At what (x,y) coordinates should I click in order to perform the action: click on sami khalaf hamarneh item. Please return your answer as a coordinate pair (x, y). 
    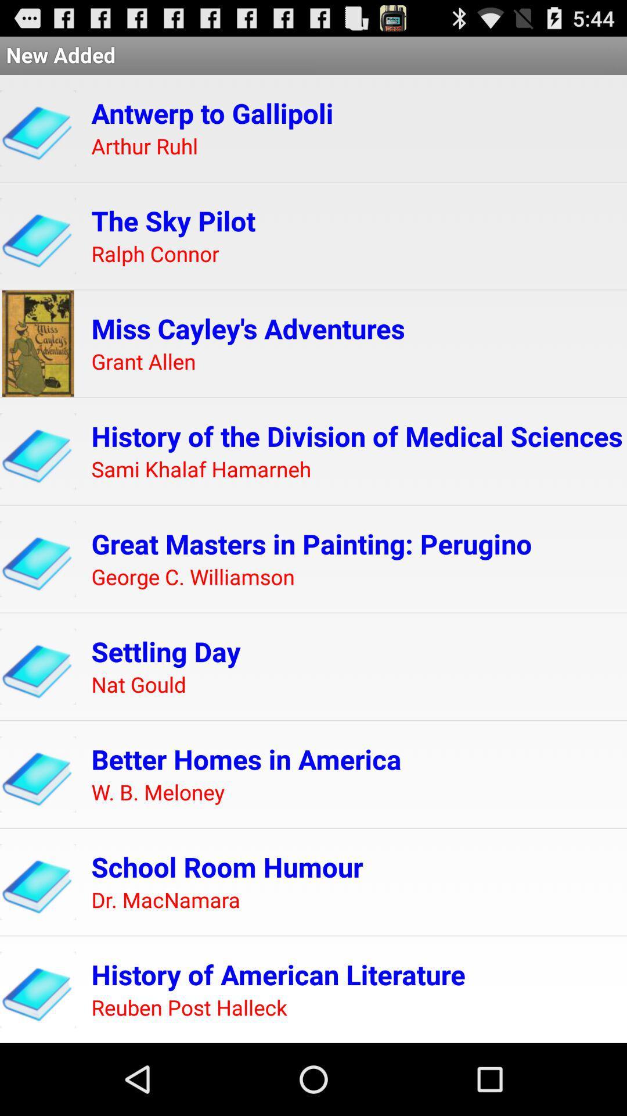
    Looking at the image, I should click on (200, 470).